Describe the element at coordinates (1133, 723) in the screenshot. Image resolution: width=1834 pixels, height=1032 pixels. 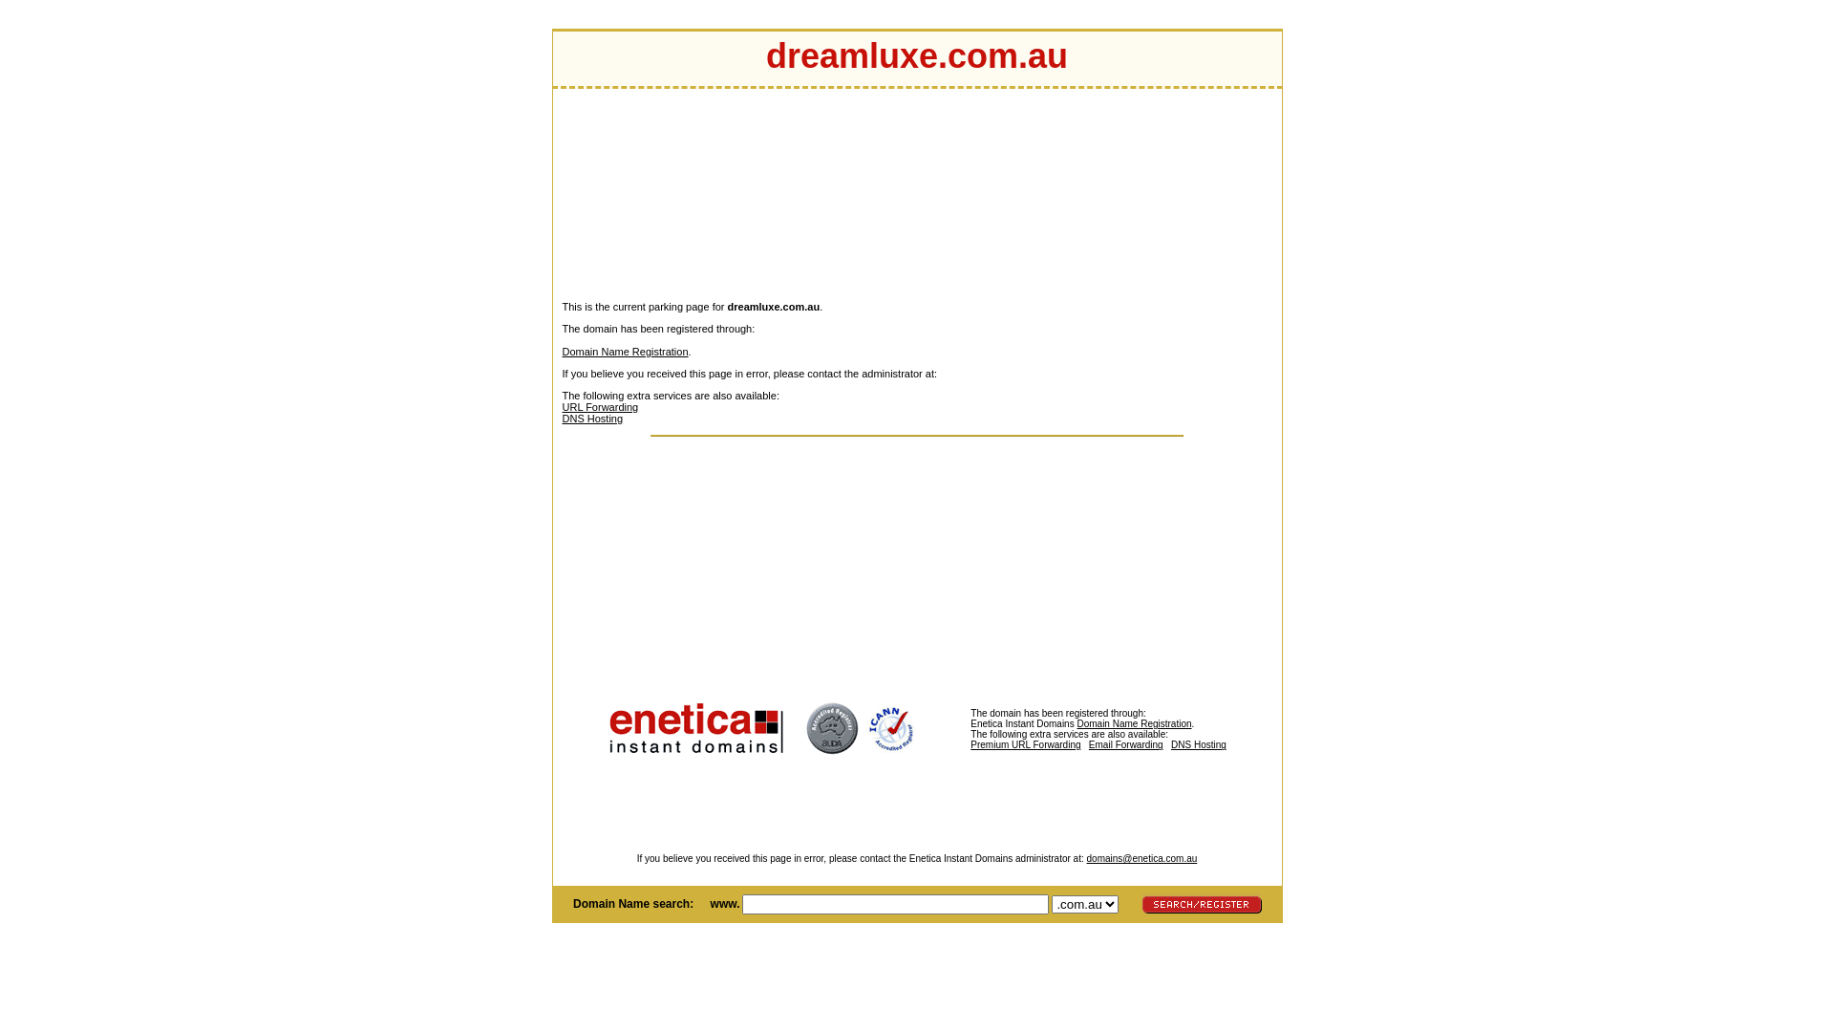
I see `'Domain Name Registration'` at that location.